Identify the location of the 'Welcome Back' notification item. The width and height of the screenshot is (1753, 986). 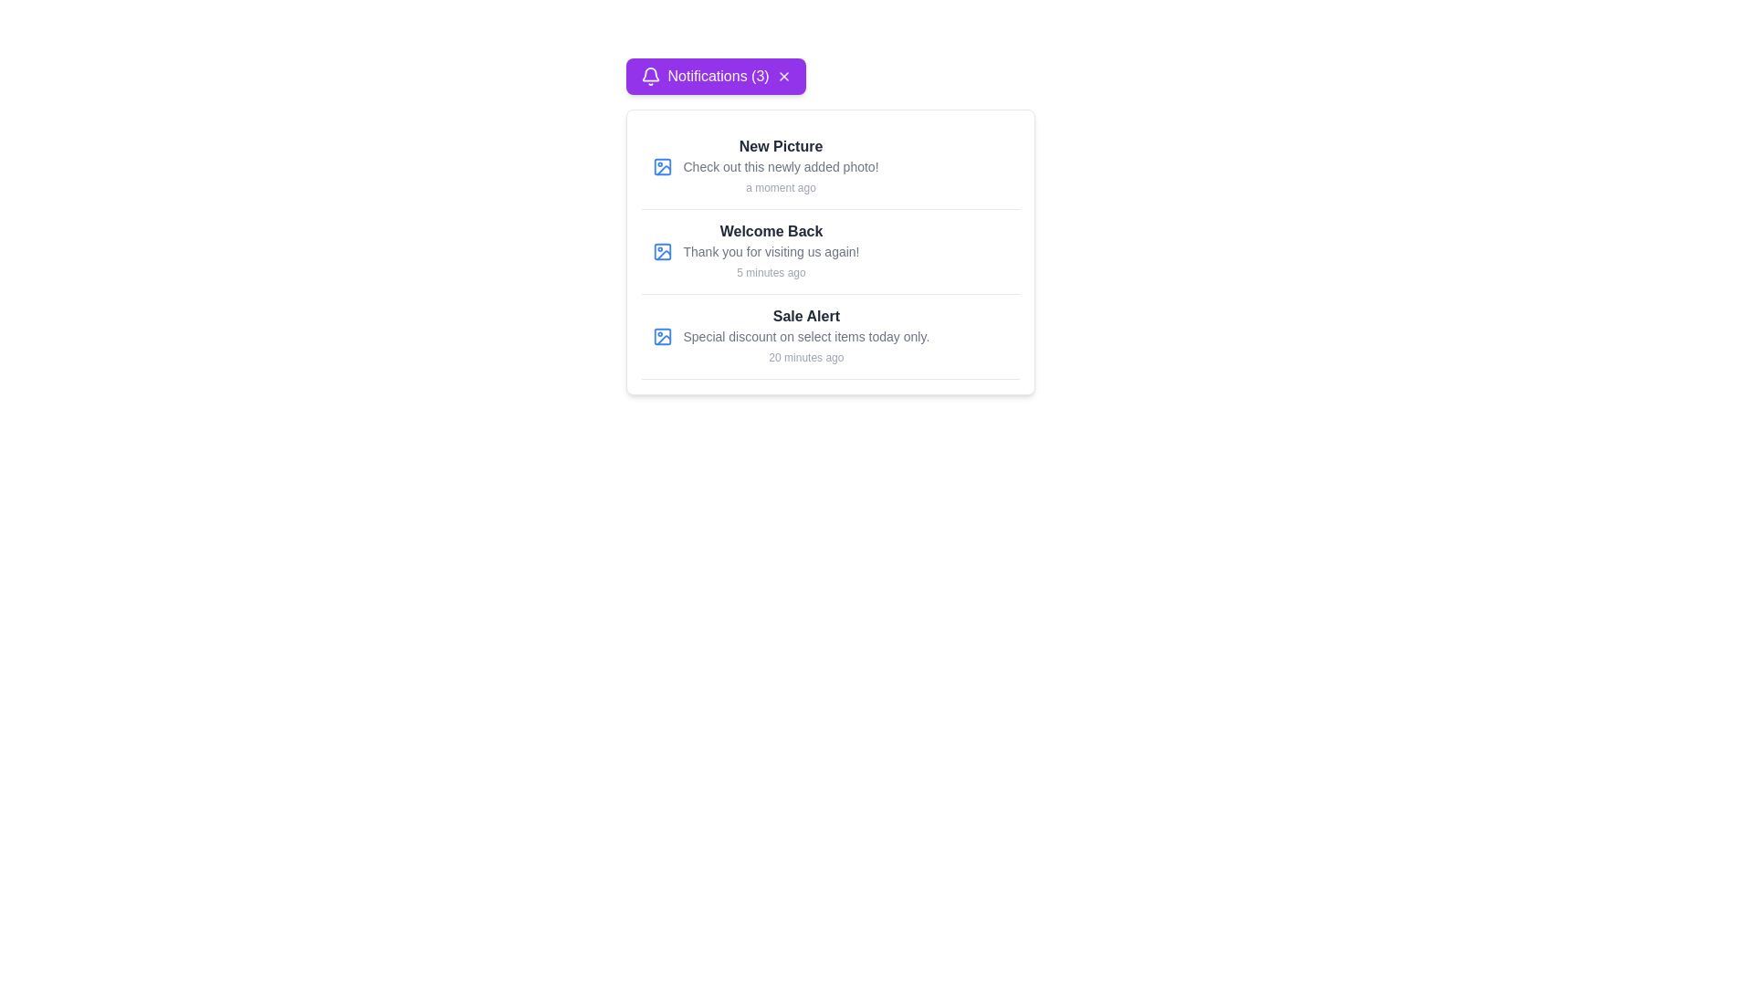
(771, 252).